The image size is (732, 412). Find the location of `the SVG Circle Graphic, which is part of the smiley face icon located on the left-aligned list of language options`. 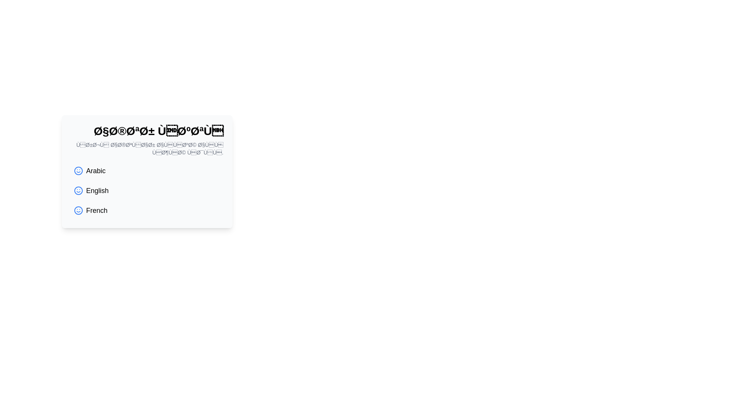

the SVG Circle Graphic, which is part of the smiley face icon located on the left-aligned list of language options is located at coordinates (79, 170).